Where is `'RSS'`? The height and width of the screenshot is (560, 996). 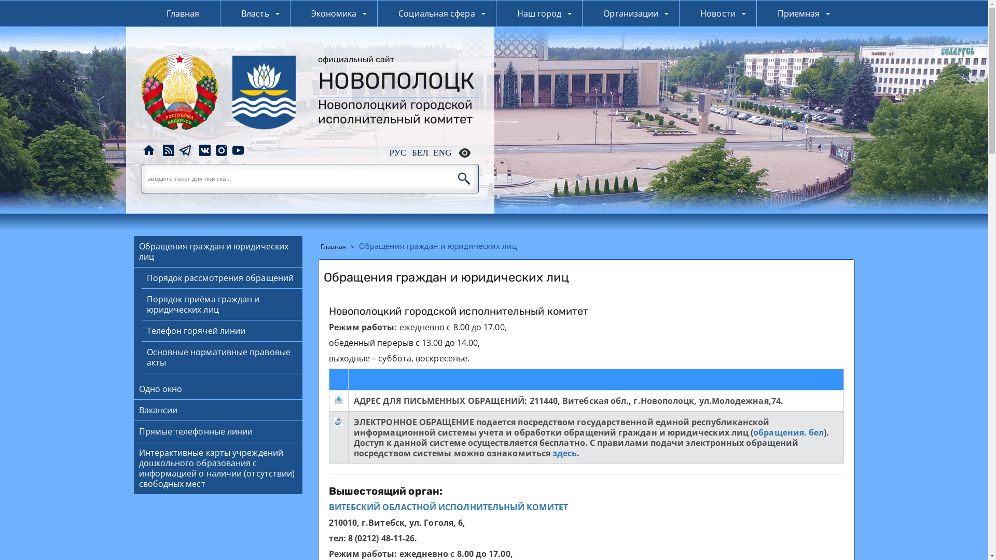 'RSS' is located at coordinates (160, 149).